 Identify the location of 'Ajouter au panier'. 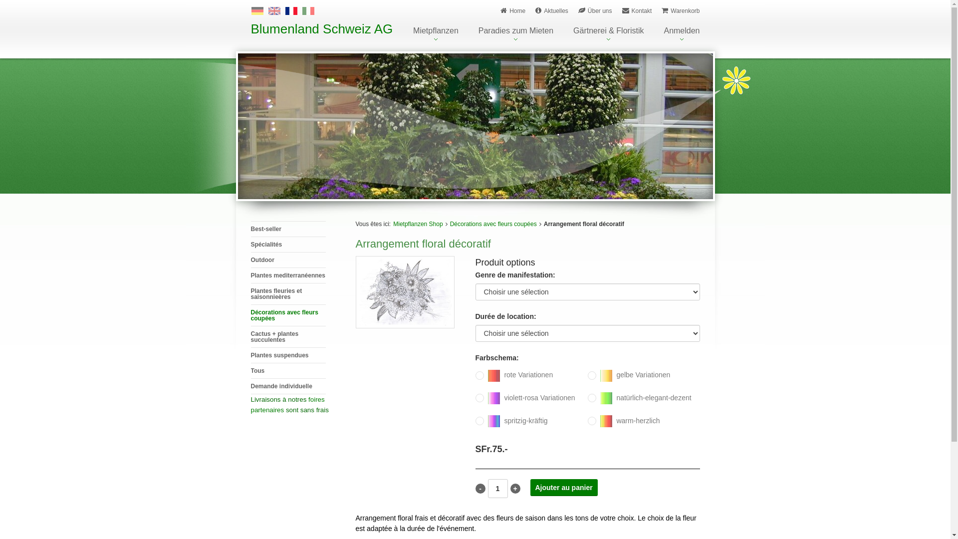
(563, 487).